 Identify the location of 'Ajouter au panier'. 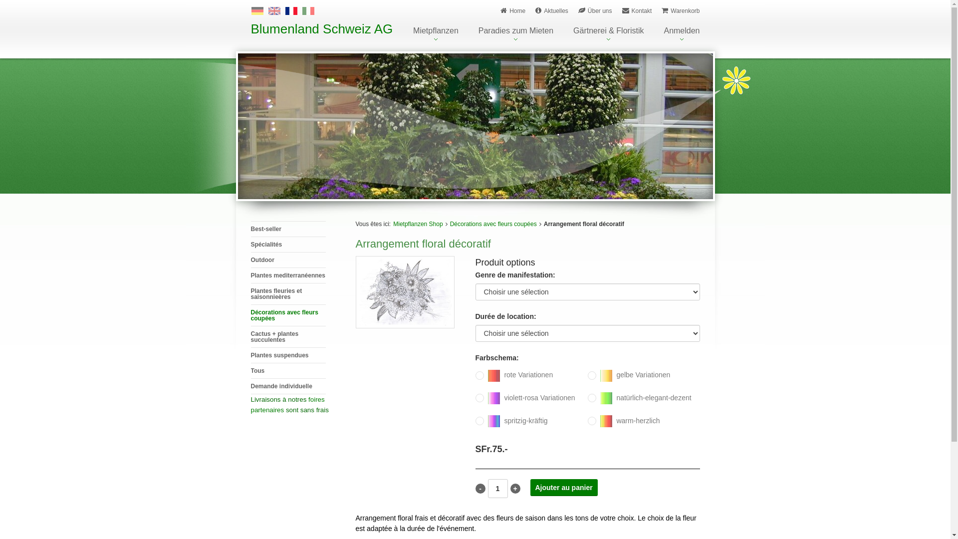
(563, 487).